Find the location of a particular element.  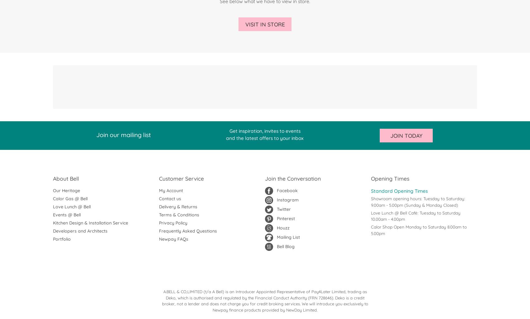

'Terms & Conditions' is located at coordinates (179, 215).